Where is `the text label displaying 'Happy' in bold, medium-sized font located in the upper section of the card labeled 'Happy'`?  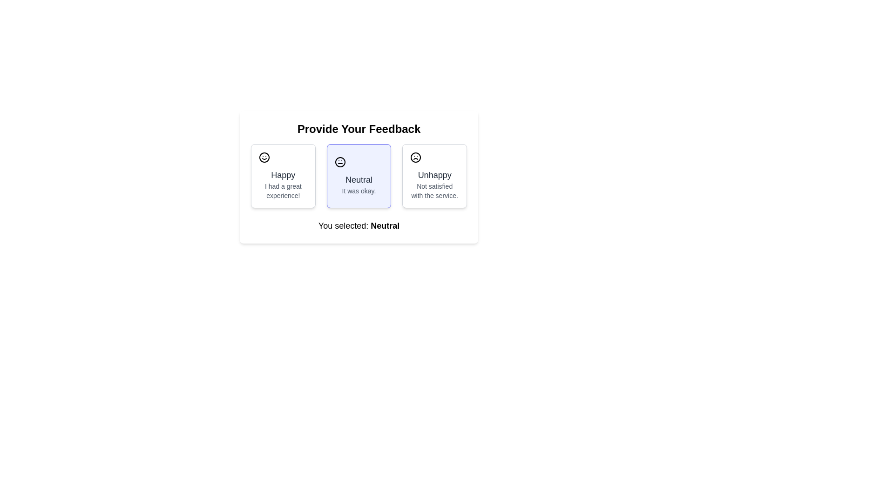
the text label displaying 'Happy' in bold, medium-sized font located in the upper section of the card labeled 'Happy' is located at coordinates (283, 175).